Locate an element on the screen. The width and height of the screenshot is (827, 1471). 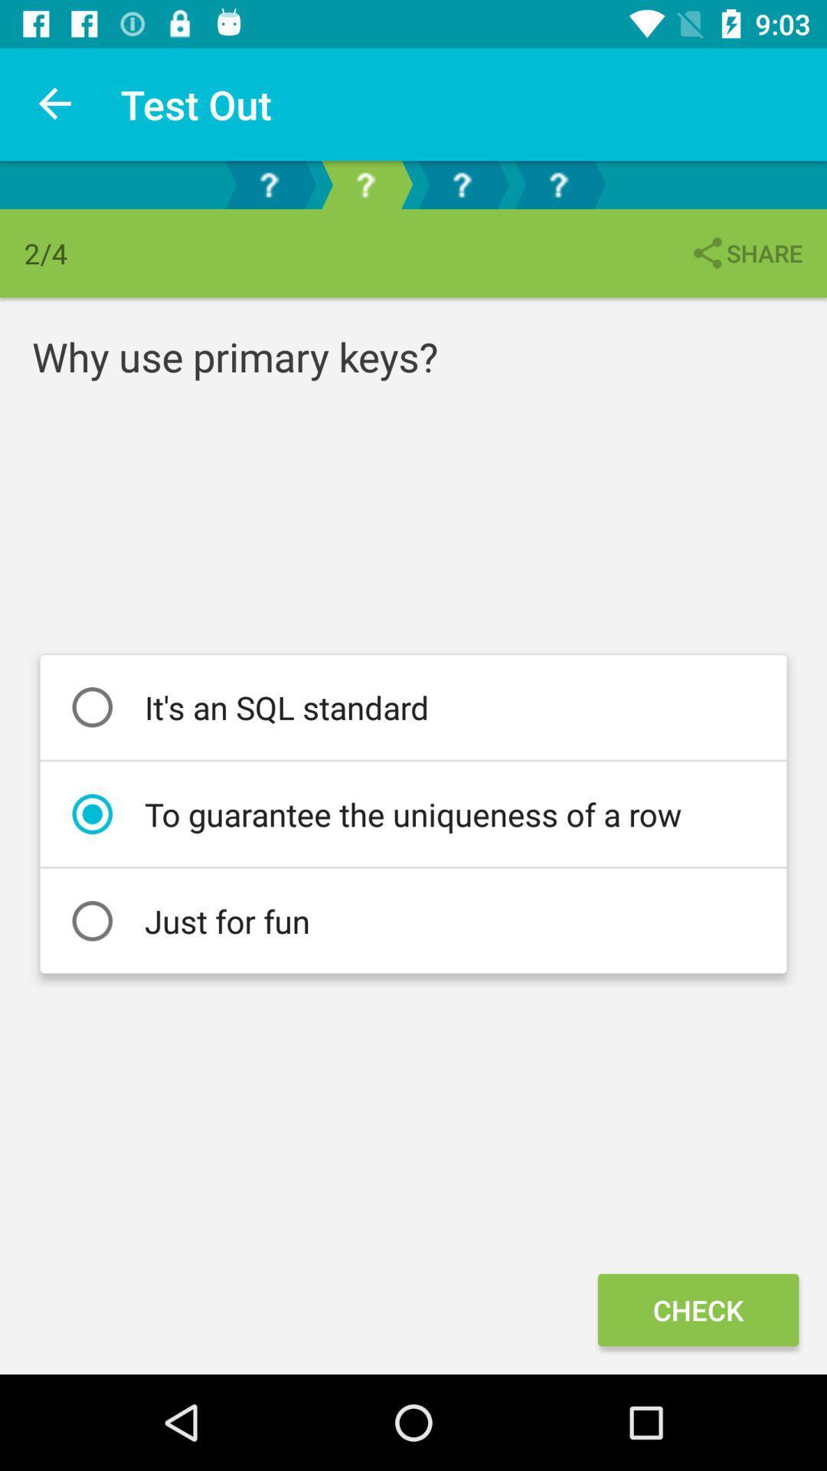
the help icon is located at coordinates (558, 184).